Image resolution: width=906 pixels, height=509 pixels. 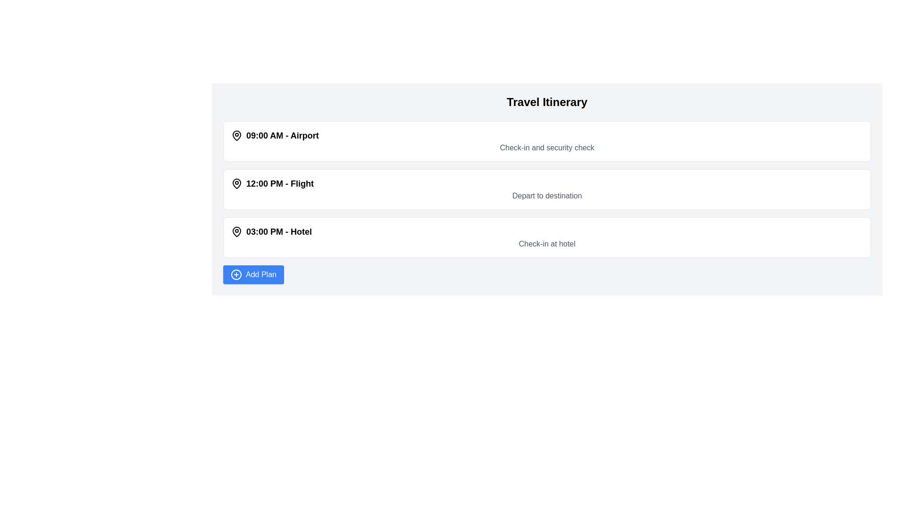 What do you see at coordinates (547, 196) in the screenshot?
I see `the static text label that indicates the next travel-related action or status, positioned beneath the '12:00 PM - Flight' text component` at bounding box center [547, 196].